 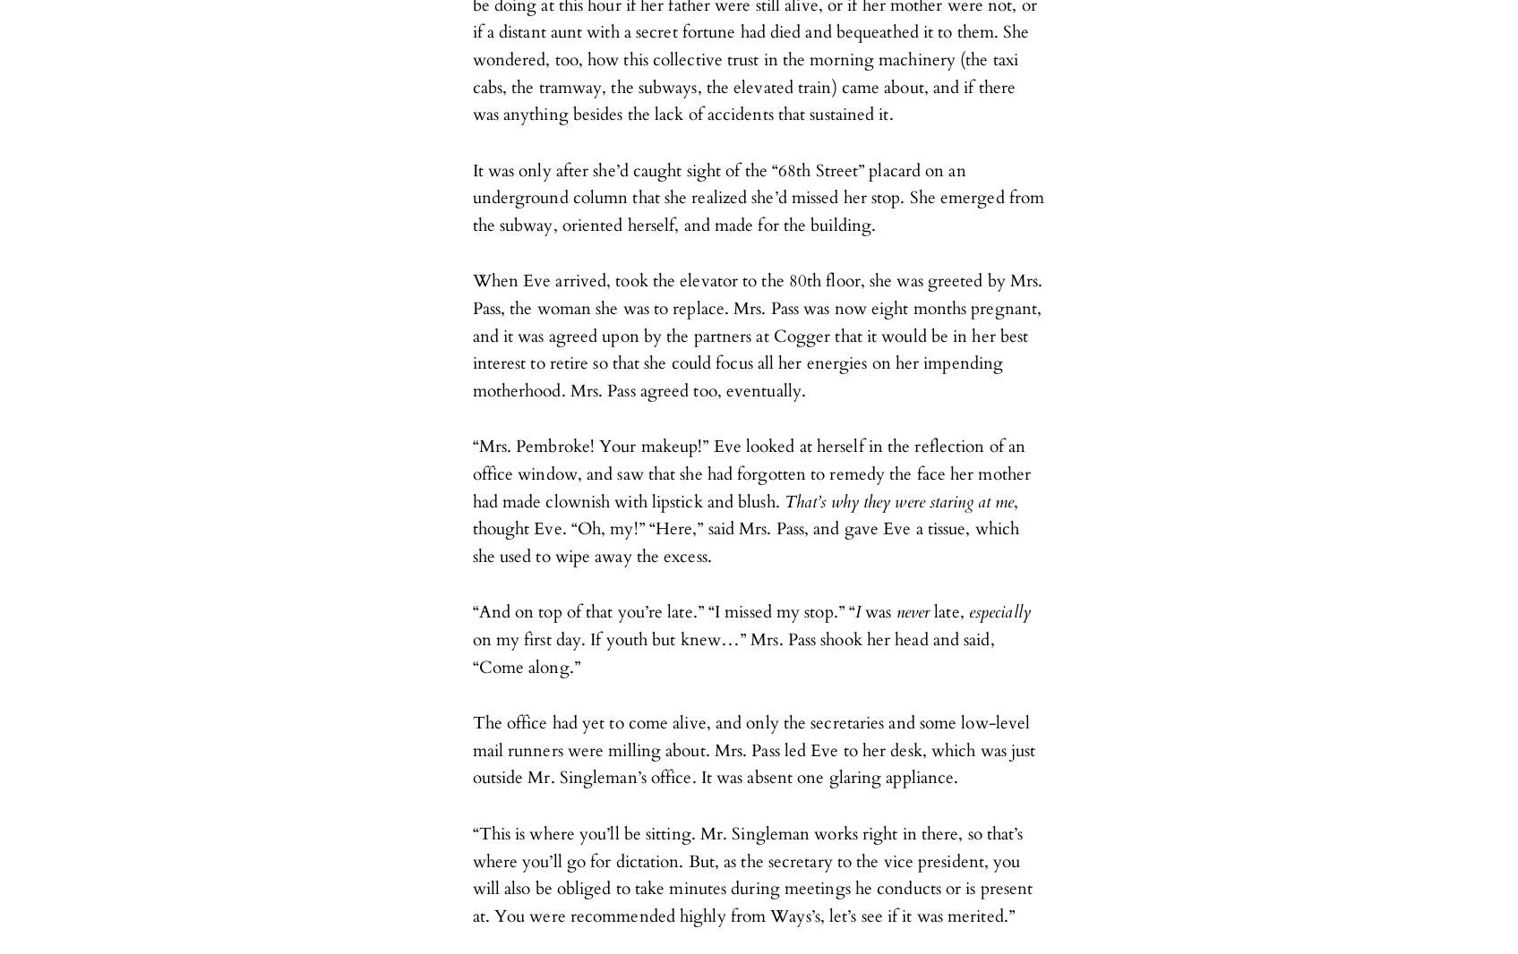 What do you see at coordinates (471, 652) in the screenshot?
I see `'on my first day. If youth but knew…” Mrs. Pass shook her head and said, “Come along.”'` at bounding box center [471, 652].